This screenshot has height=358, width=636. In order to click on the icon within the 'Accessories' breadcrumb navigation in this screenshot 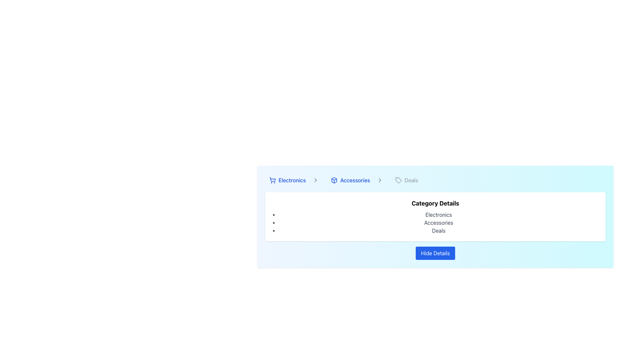, I will do `click(334, 180)`.